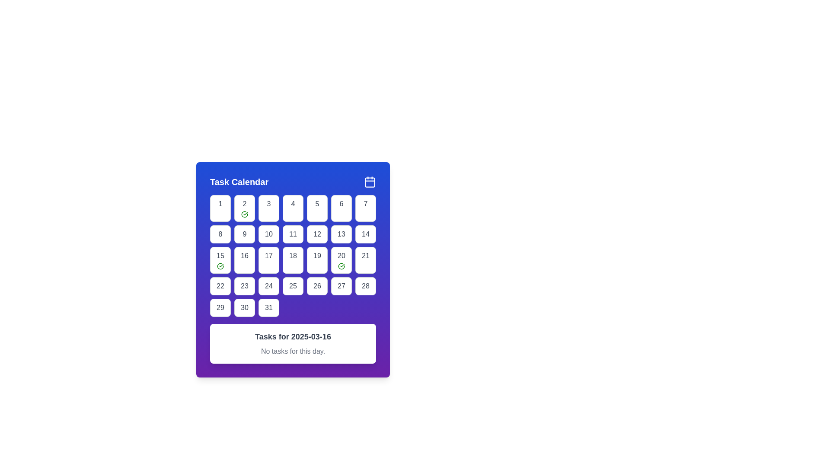 Image resolution: width=830 pixels, height=467 pixels. I want to click on the calendar day cell representing the 23rd day in the monthly calendar grid located in the fourth row and the second column, so click(244, 286).